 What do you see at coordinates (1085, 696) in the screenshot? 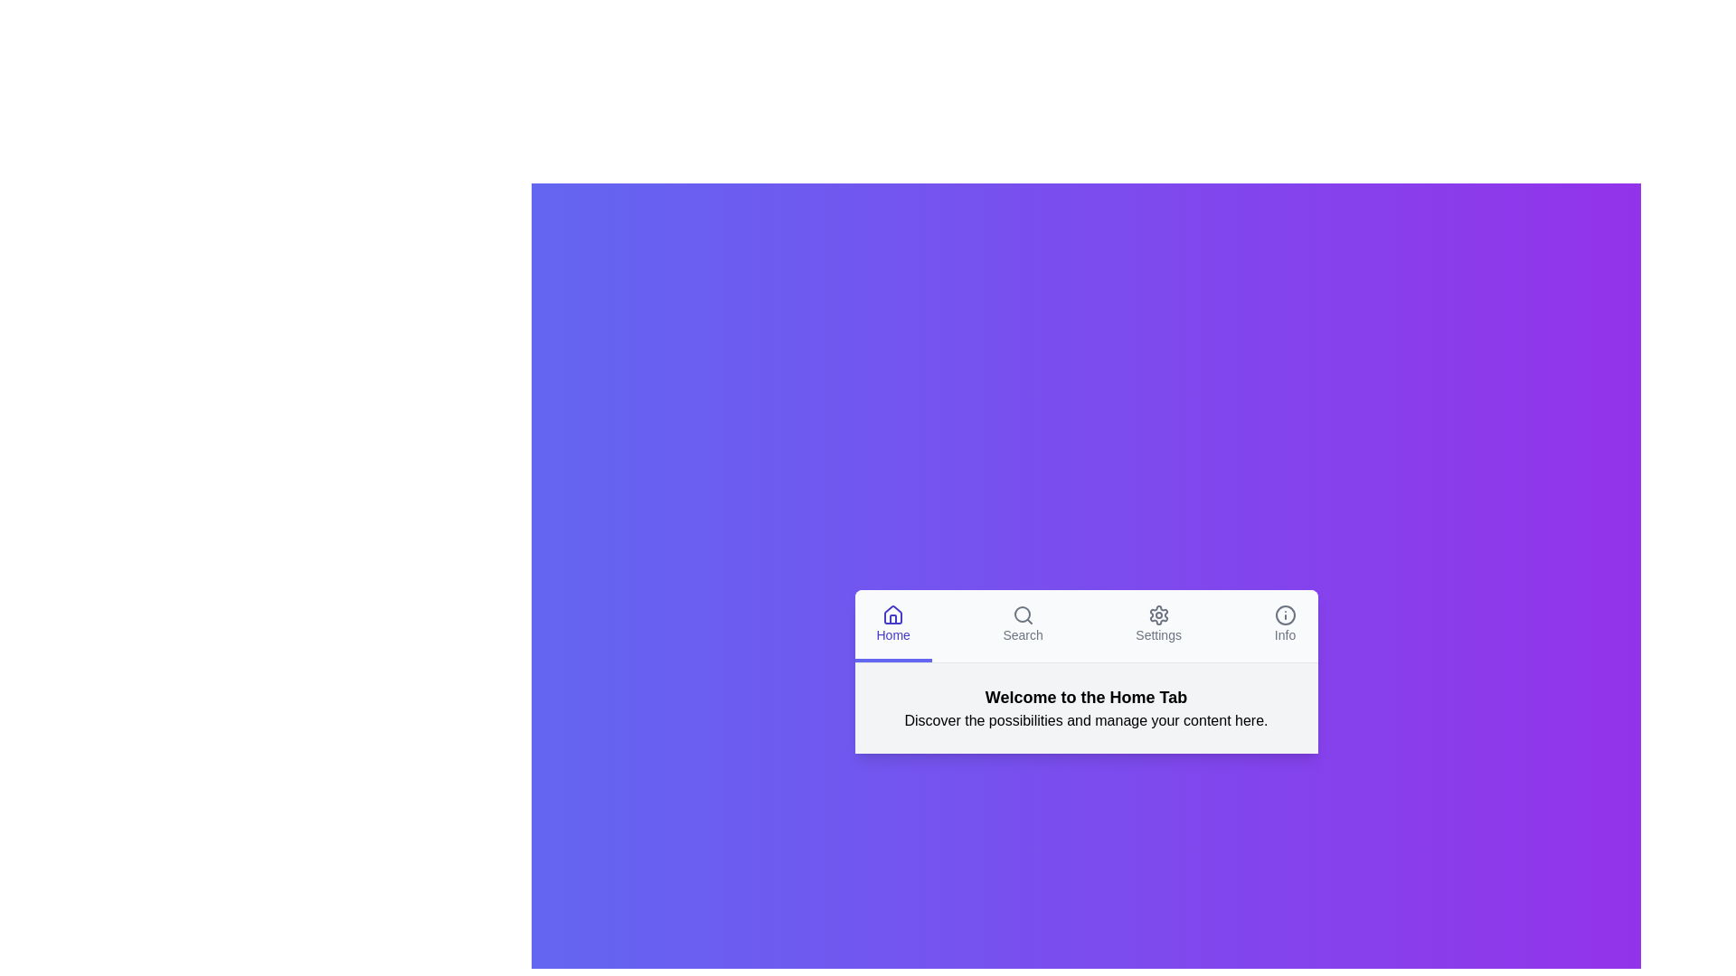
I see `the 'Welcome to the Home Tab' text label, which is prominently displayed in a bold and larger font size, centered in a white box above the descriptive text` at bounding box center [1085, 696].